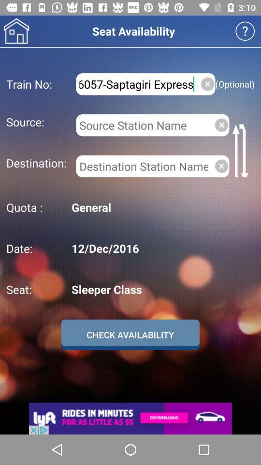 The image size is (261, 465). Describe the element at coordinates (241, 150) in the screenshot. I see `swap options` at that location.